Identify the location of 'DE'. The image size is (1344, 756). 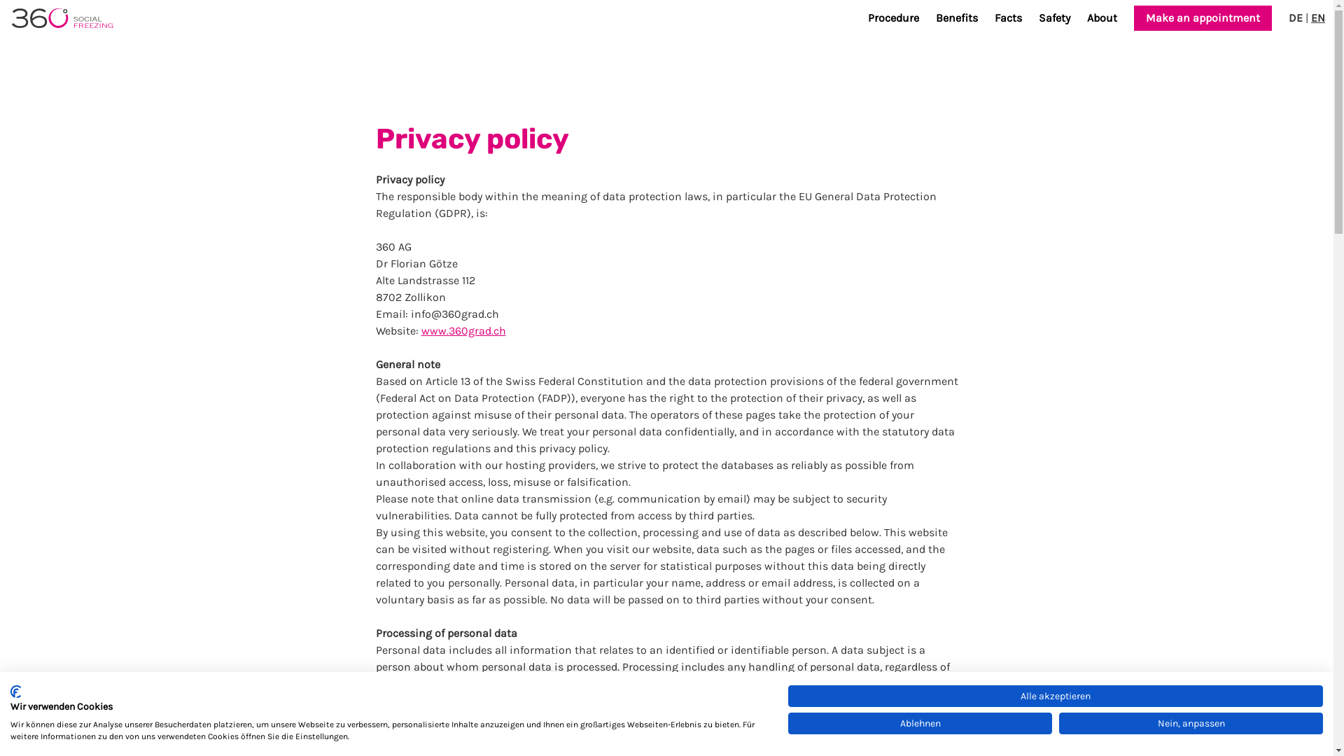
(1295, 18).